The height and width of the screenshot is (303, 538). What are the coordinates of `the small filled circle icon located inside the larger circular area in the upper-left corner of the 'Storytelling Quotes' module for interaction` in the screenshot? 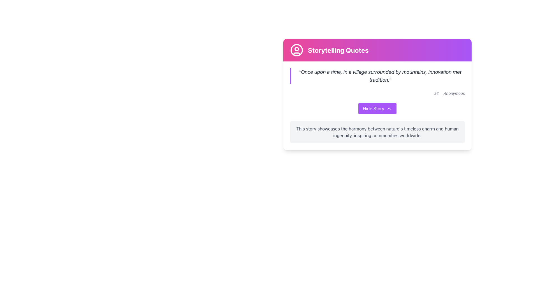 It's located at (296, 49).